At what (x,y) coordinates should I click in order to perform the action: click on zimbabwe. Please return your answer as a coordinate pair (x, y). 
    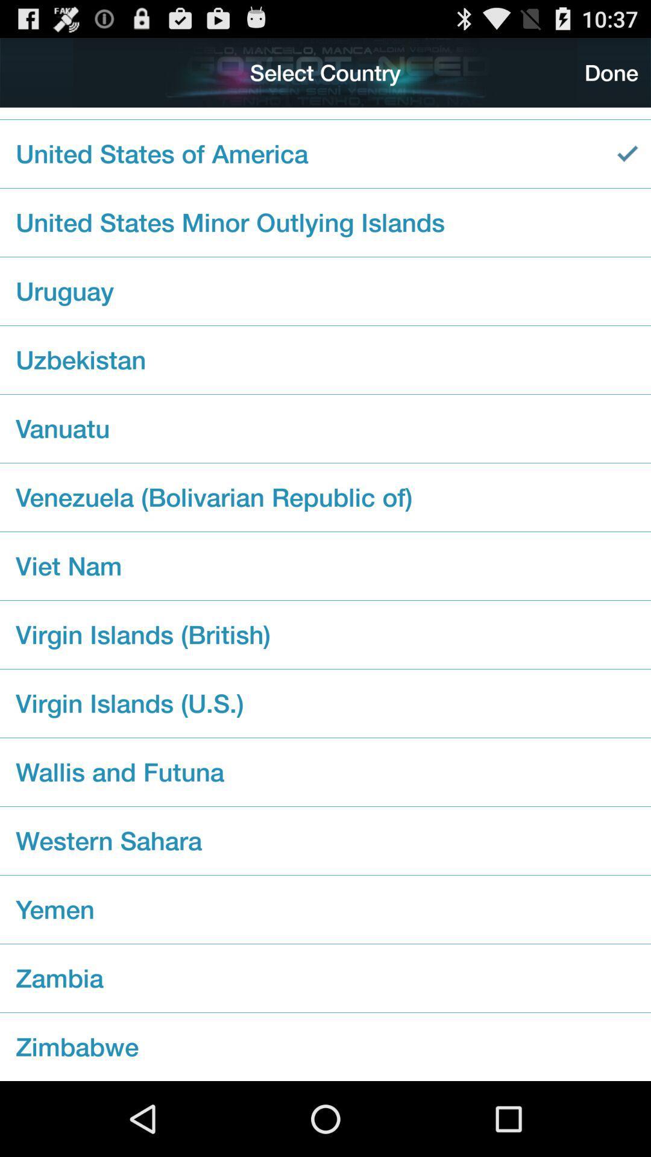
    Looking at the image, I should click on (325, 1046).